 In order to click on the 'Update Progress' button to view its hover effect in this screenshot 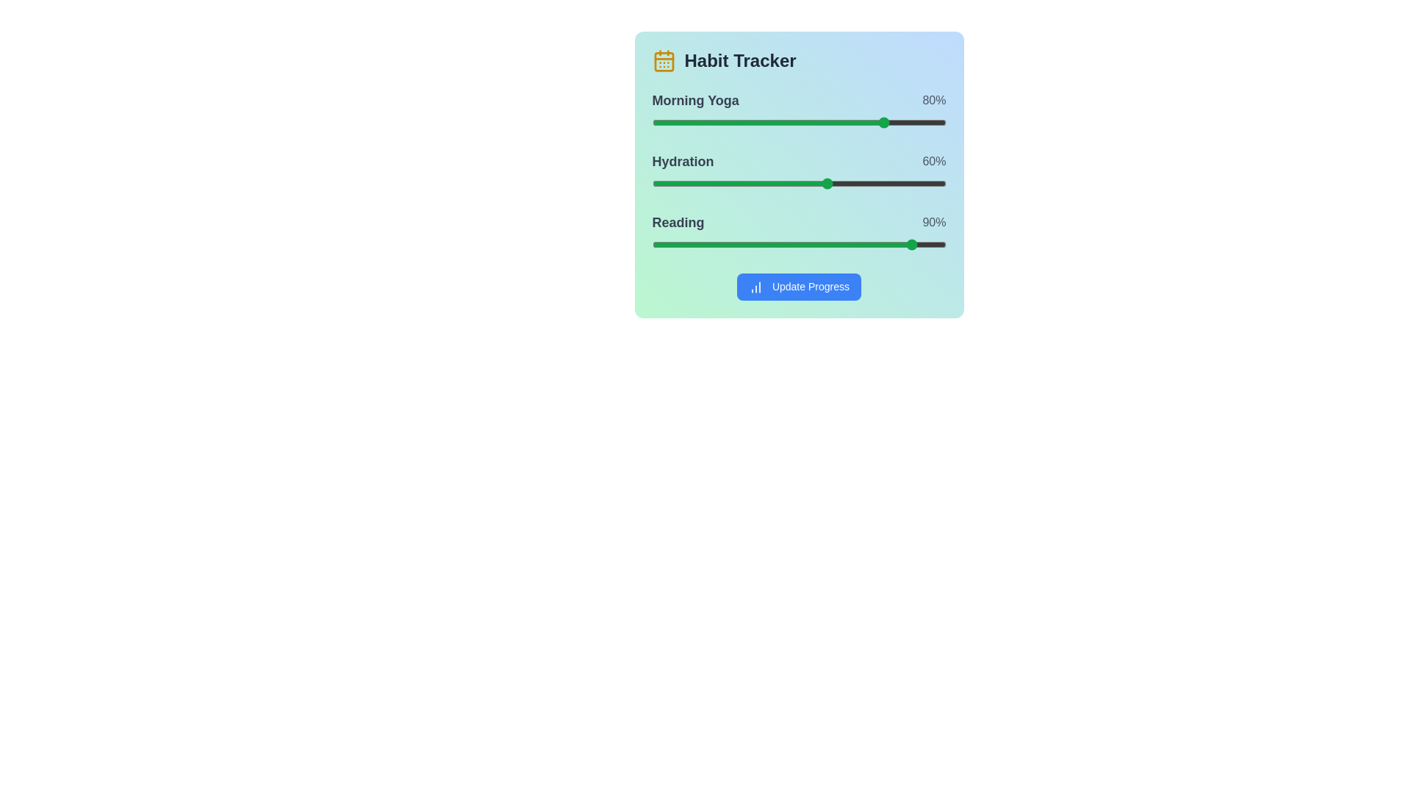, I will do `click(798, 287)`.